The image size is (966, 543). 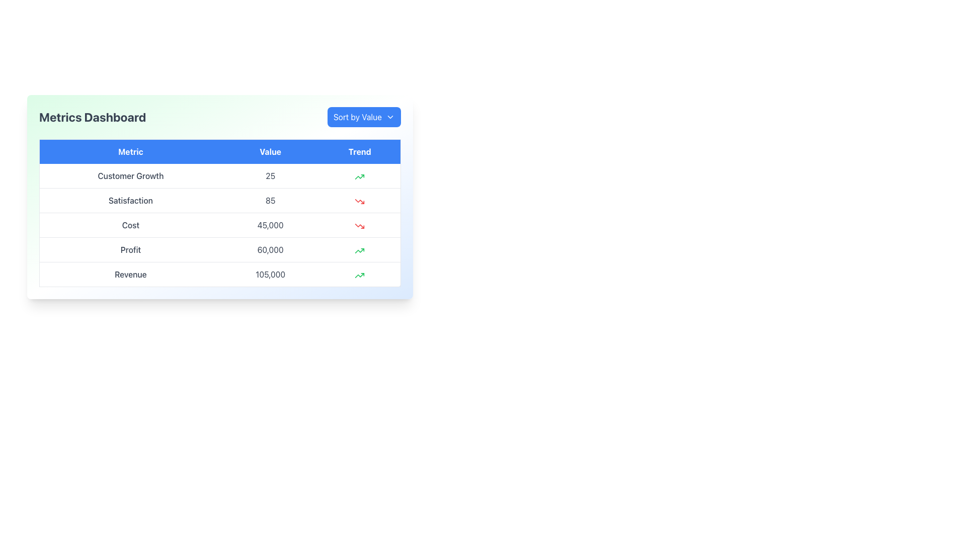 What do you see at coordinates (360, 175) in the screenshot?
I see `the graphical icon representing a positive trend in the 'Customer Growth' metric, located in the third column of the 'Trend' row in the table` at bounding box center [360, 175].